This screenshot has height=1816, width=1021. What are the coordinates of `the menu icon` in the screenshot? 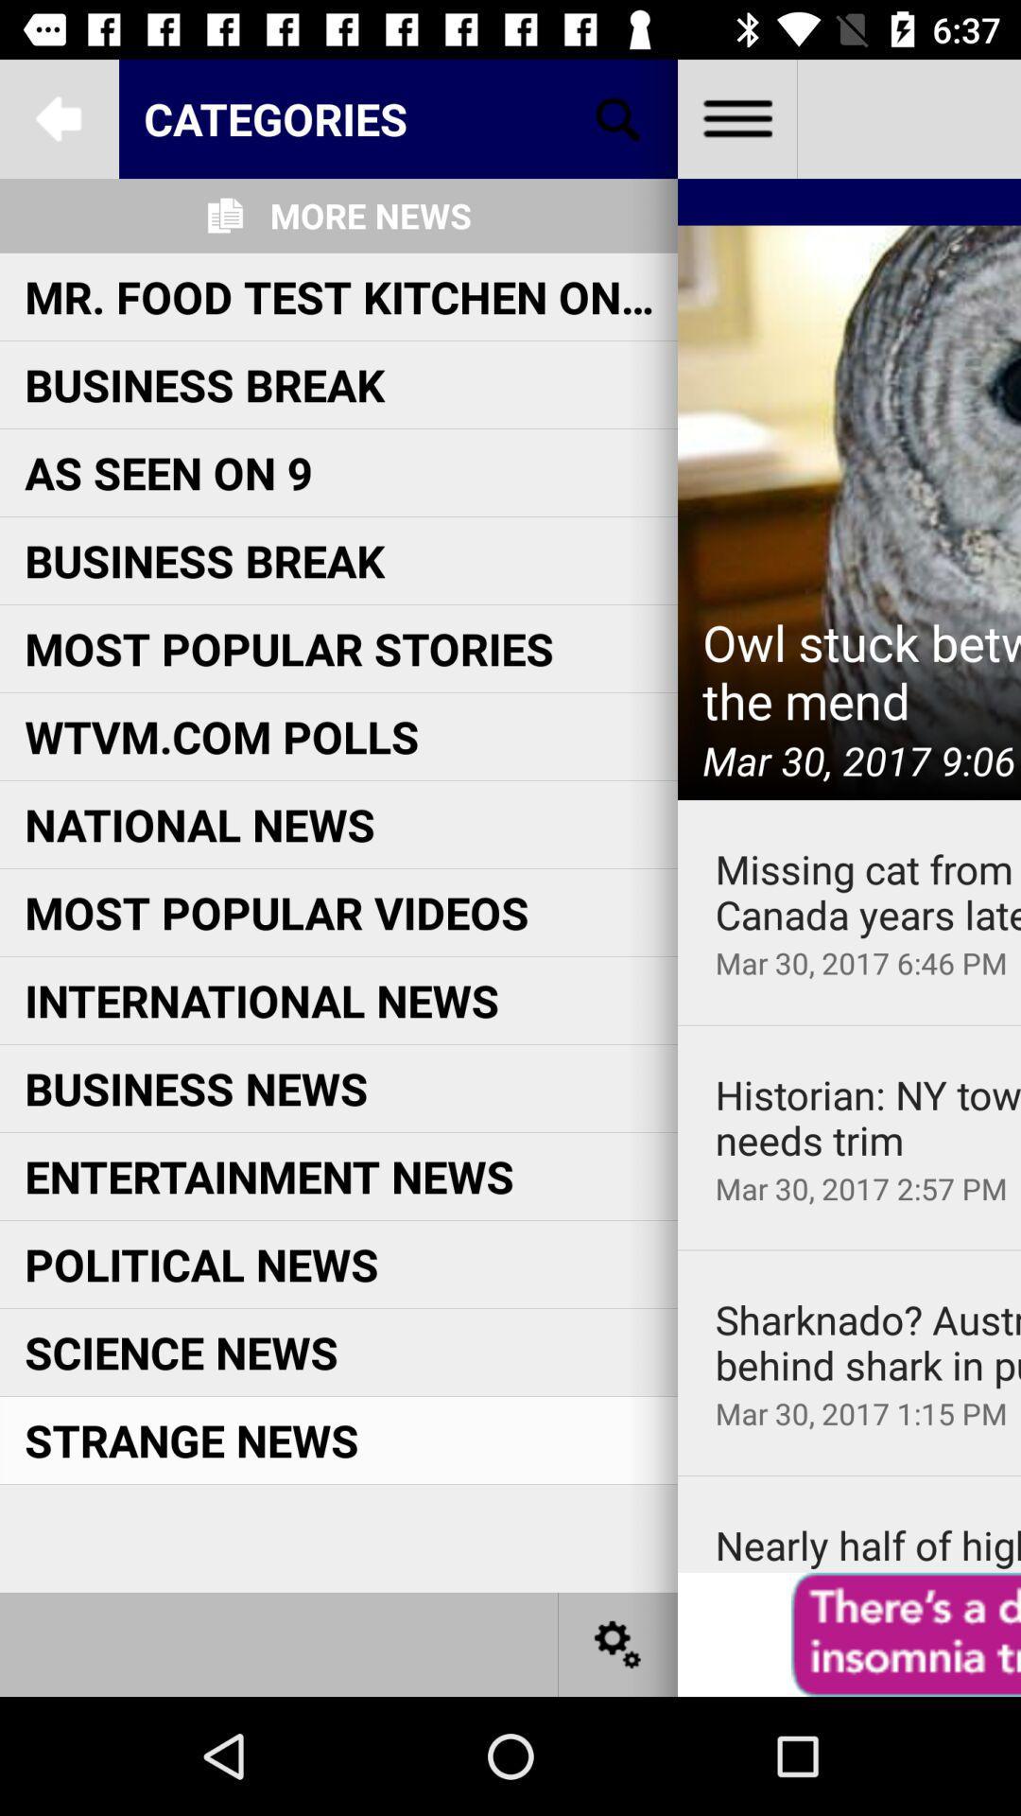 It's located at (735, 117).